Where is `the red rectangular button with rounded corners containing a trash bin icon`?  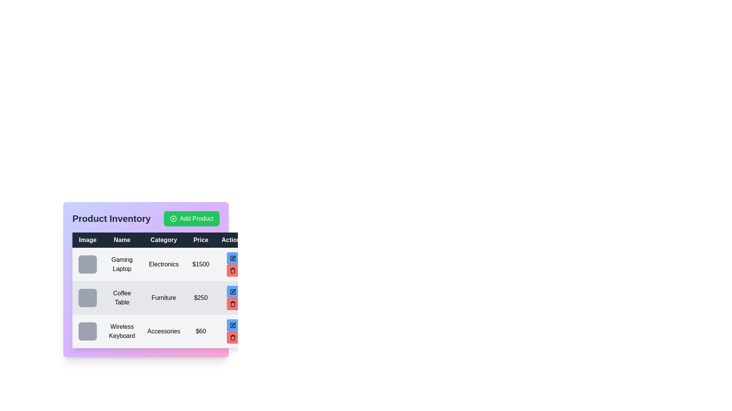 the red rectangular button with rounded corners containing a trash bin icon is located at coordinates (232, 298).